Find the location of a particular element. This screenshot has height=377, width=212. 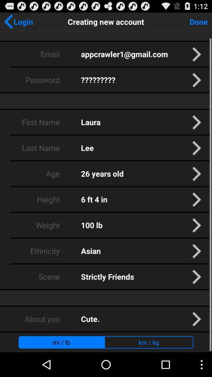

the app next to the creating new account icon is located at coordinates (18, 21).